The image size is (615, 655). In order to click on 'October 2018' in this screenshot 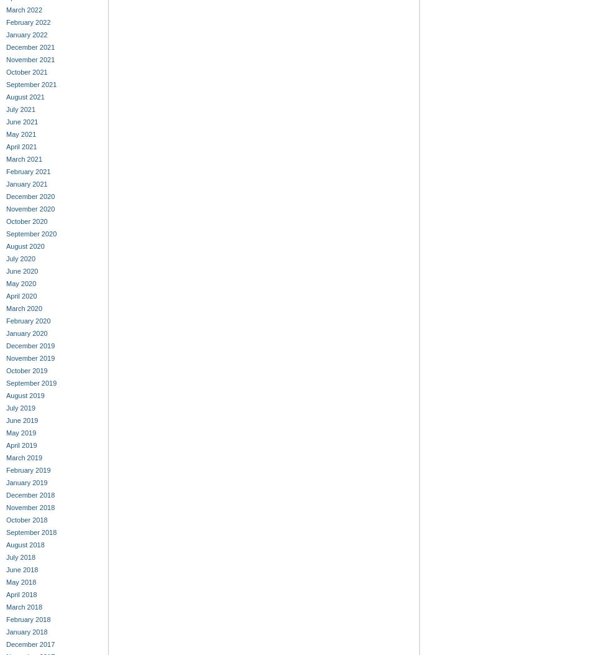, I will do `click(25, 519)`.